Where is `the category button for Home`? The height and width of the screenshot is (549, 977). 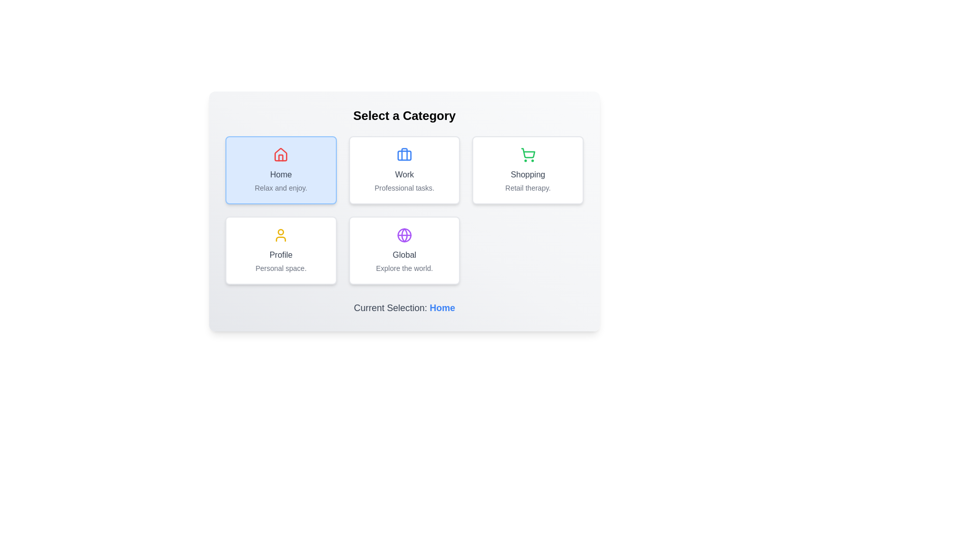 the category button for Home is located at coordinates (281, 170).